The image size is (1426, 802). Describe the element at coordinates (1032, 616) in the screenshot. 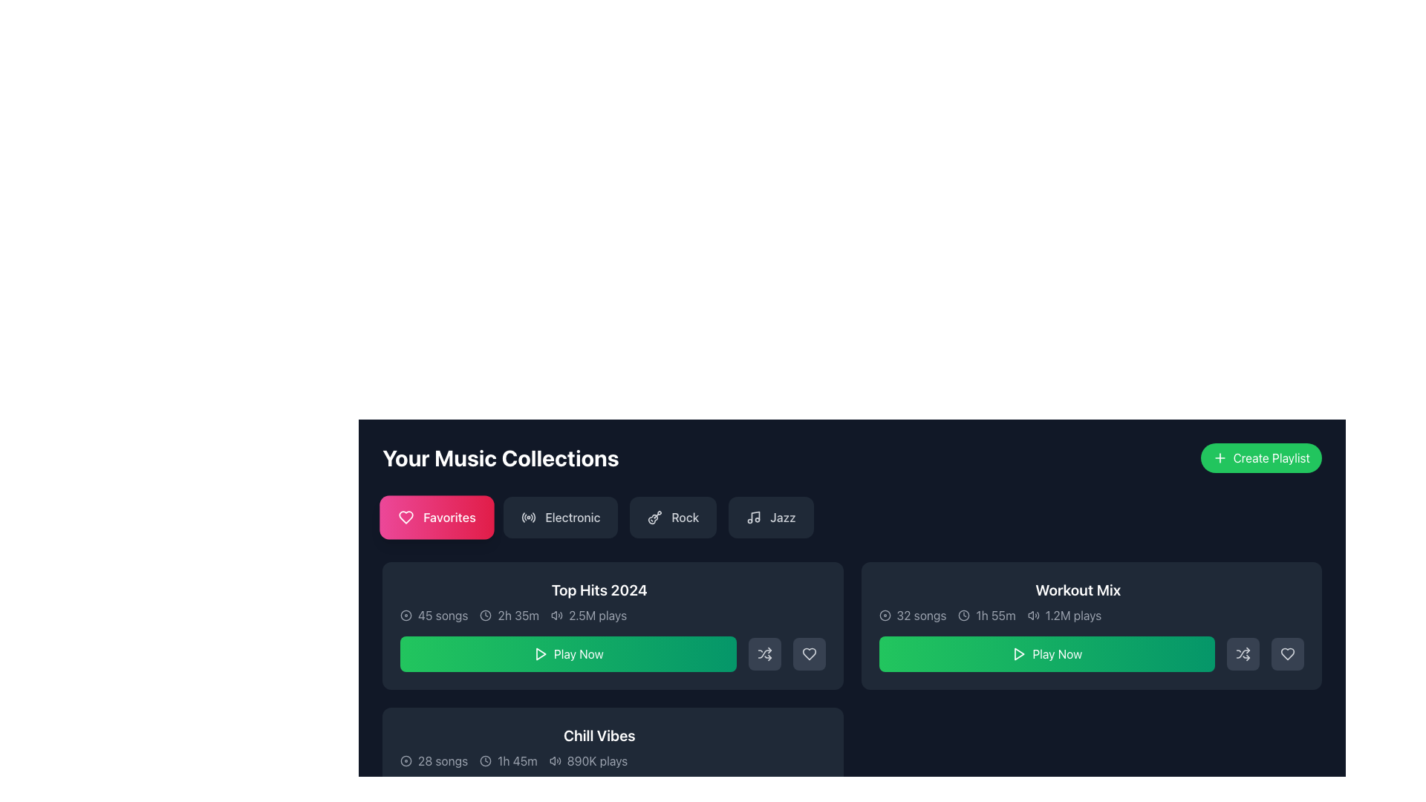

I see `the sound or audio icon located to the left of the text '1.2M plays' in the 'Workout Mix' row of the Music Collection section` at that location.